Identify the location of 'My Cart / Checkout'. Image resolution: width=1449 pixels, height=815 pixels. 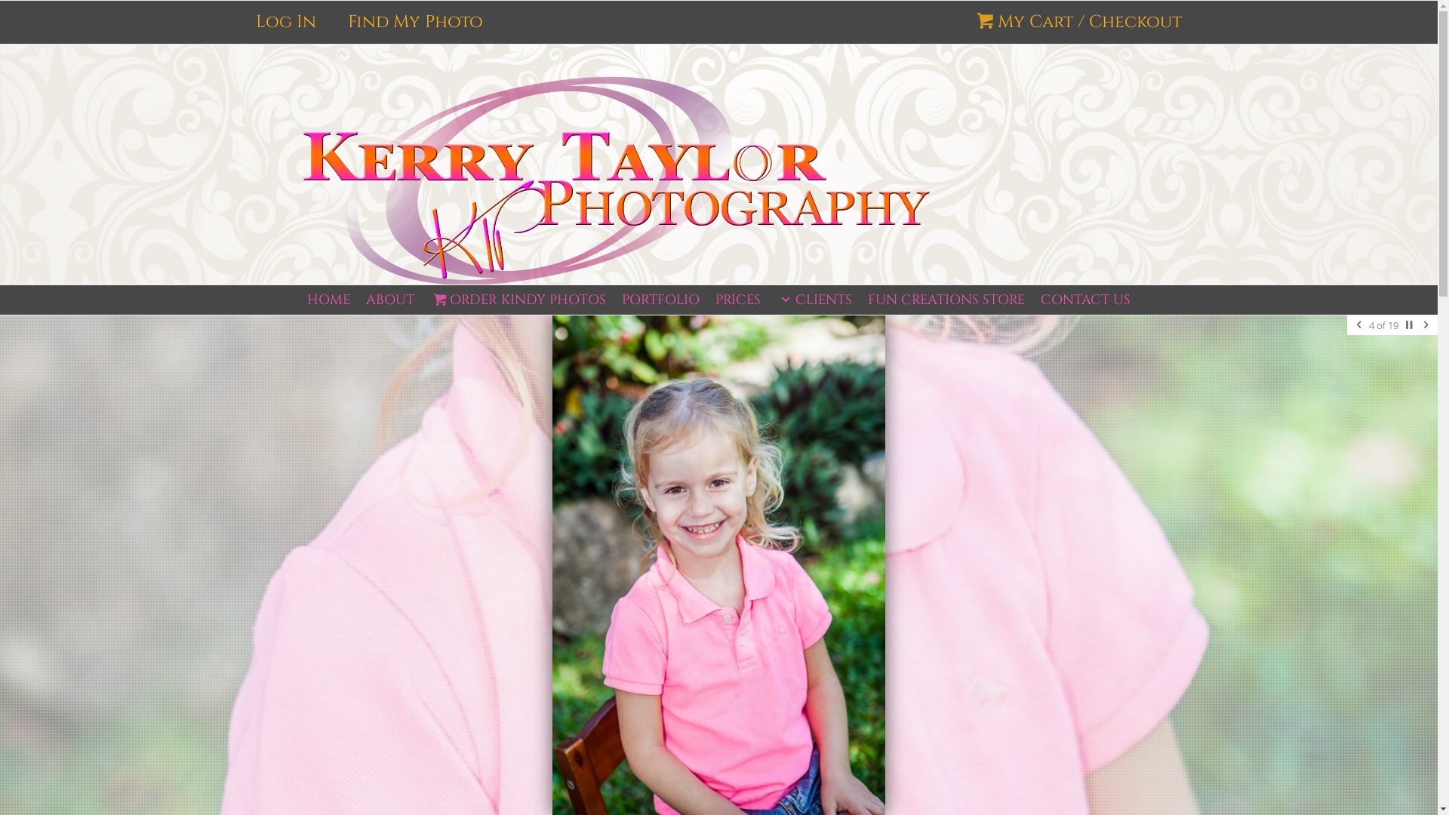
(1077, 22).